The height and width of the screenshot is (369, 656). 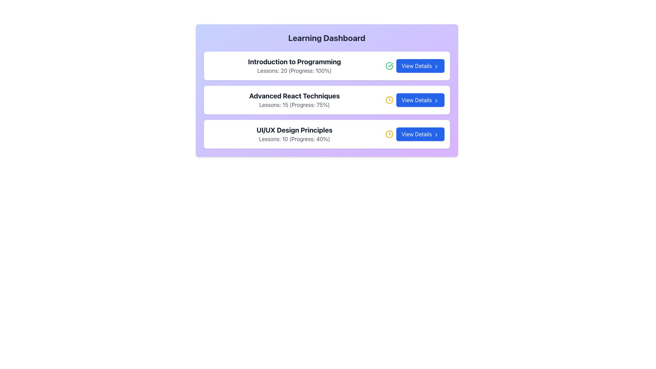 I want to click on the button located at the right edge of the row for 'Introduction to Programming', so click(x=420, y=66).